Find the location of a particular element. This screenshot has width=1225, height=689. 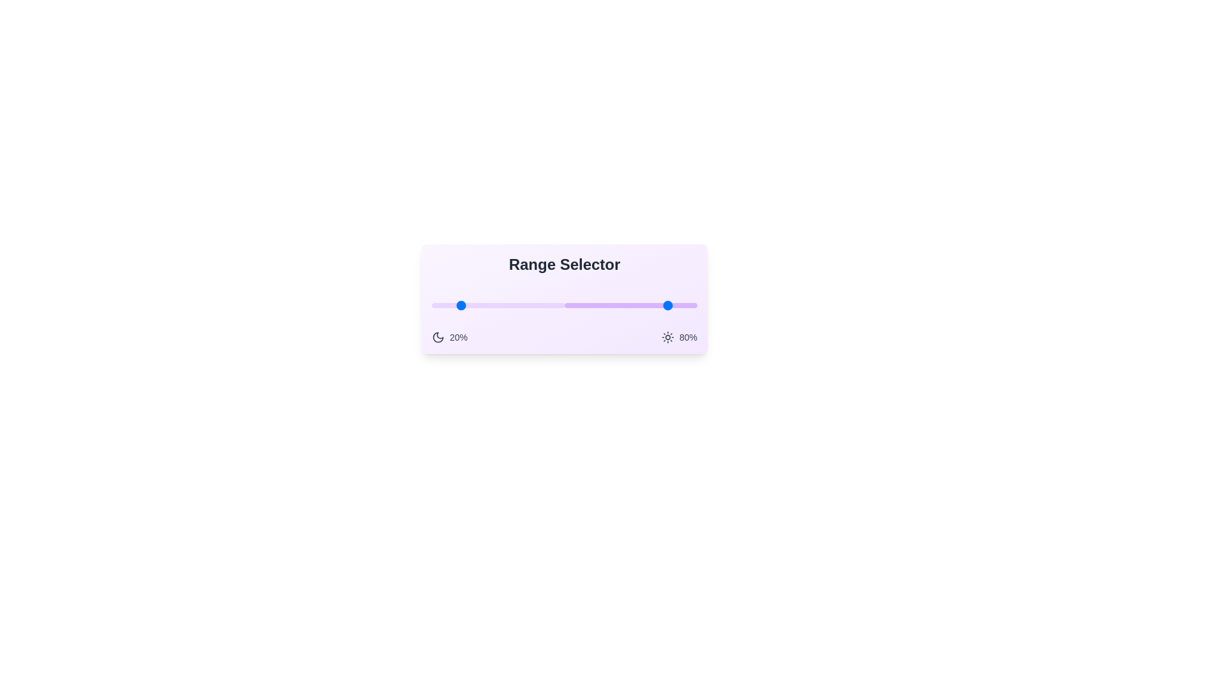

the lower bound of the range to 16% by dragging the left slider is located at coordinates (453, 305).